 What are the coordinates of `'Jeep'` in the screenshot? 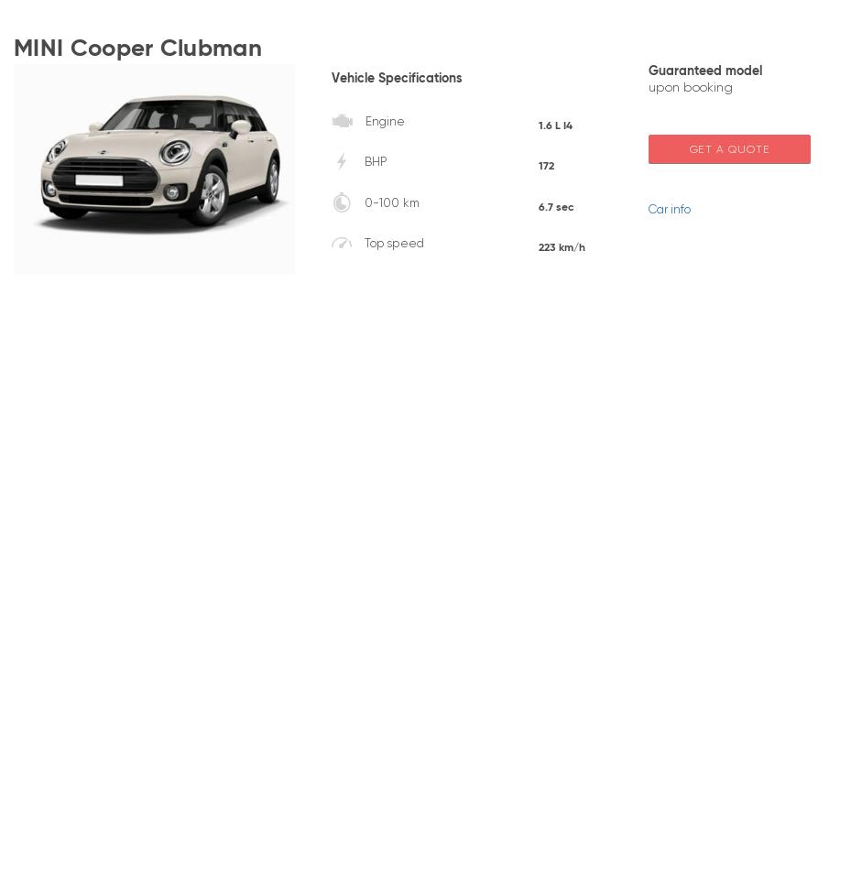 It's located at (718, 423).